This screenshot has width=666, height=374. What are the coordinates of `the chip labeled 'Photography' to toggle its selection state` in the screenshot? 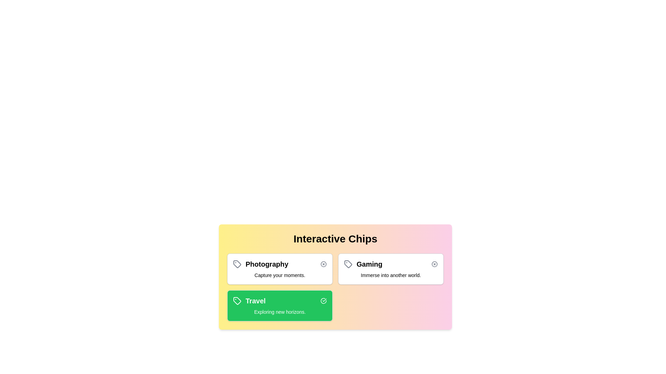 It's located at (280, 268).